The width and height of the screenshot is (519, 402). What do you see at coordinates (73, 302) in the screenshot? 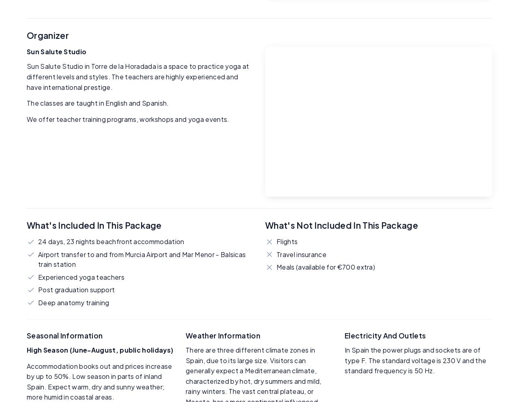
I see `'Deep anatomy training'` at bounding box center [73, 302].